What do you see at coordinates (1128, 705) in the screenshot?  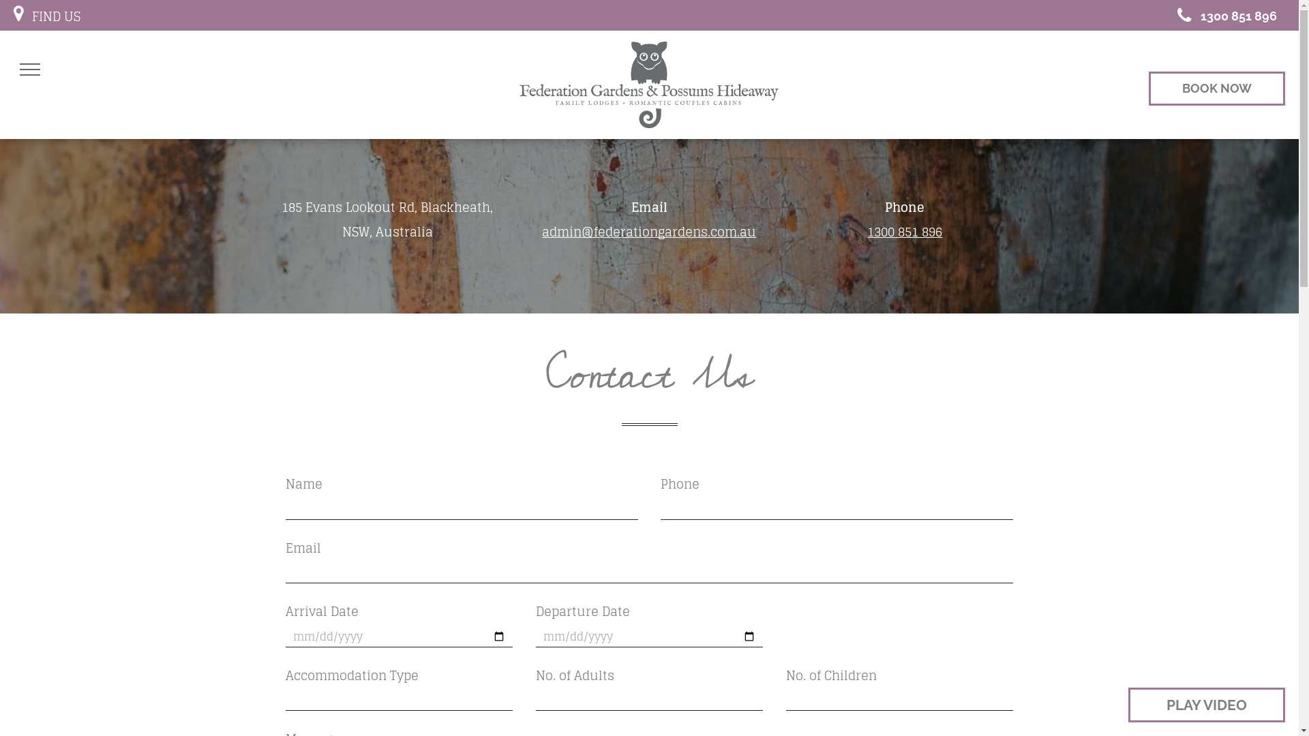 I see `'PLAY VIDEO'` at bounding box center [1128, 705].